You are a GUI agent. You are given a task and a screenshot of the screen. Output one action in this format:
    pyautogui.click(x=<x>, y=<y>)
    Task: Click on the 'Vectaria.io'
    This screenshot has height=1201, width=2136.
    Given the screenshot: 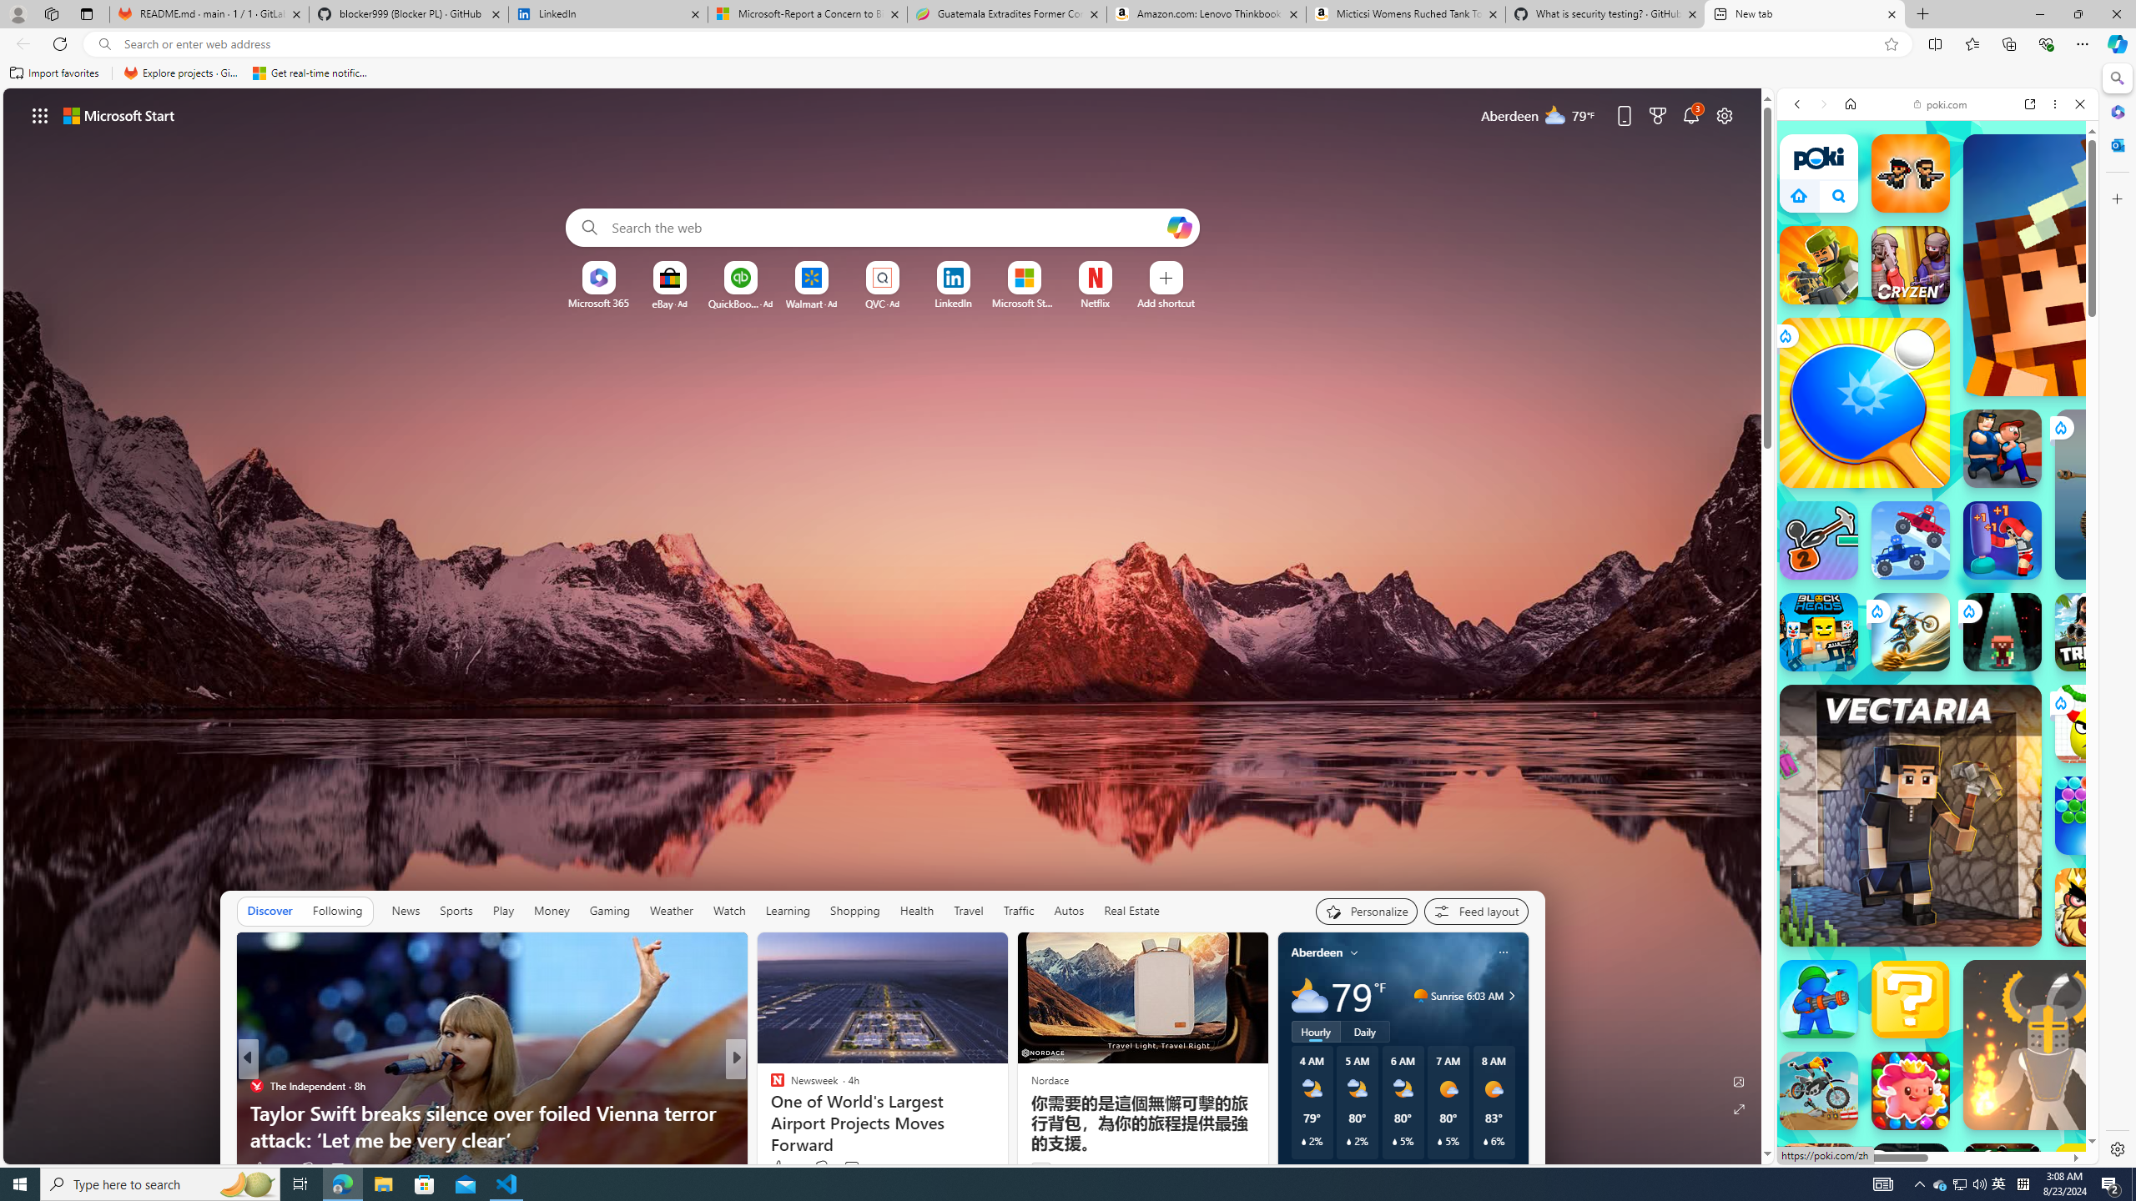 What is the action you would take?
    pyautogui.click(x=1909, y=814)
    